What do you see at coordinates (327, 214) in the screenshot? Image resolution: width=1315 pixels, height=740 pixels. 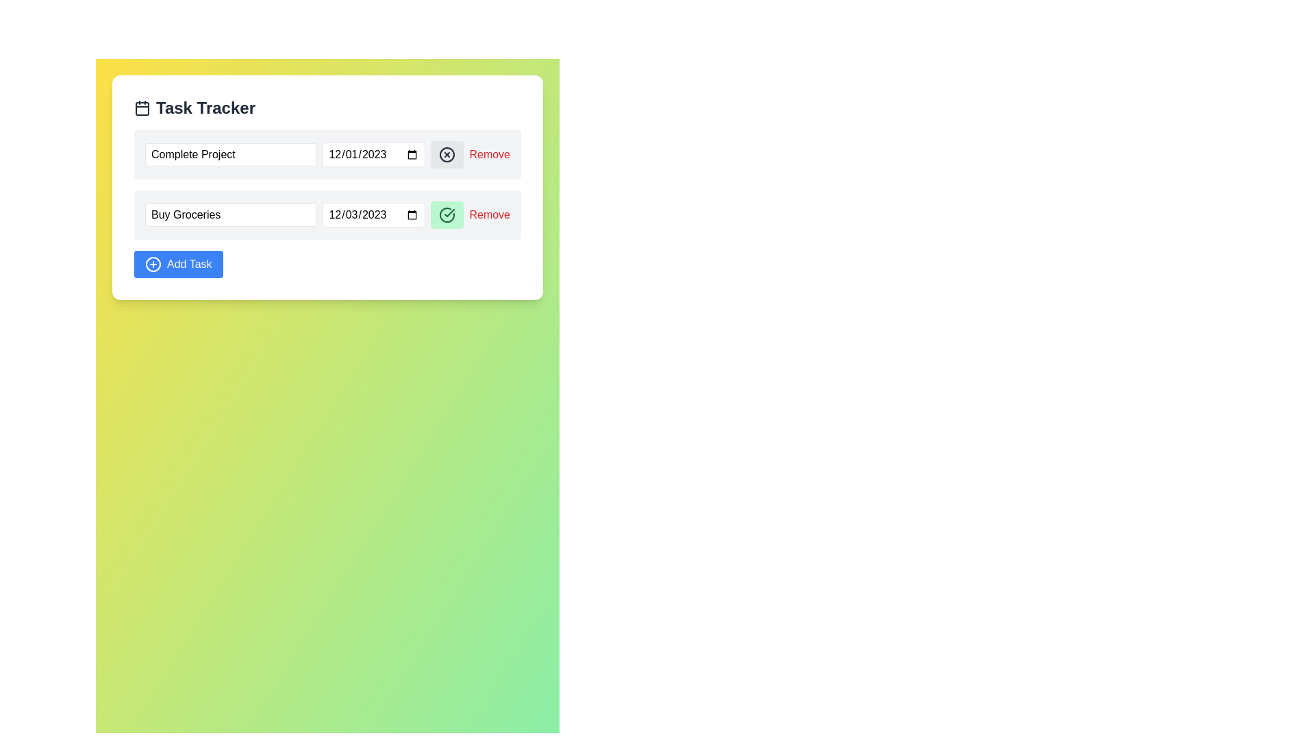 I see `the date input field of the second task management component in the Task Tracker interface to change the deadline` at bounding box center [327, 214].